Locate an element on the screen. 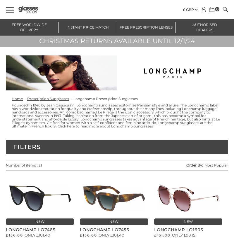  'Authorised Dealers' is located at coordinates (192, 27).